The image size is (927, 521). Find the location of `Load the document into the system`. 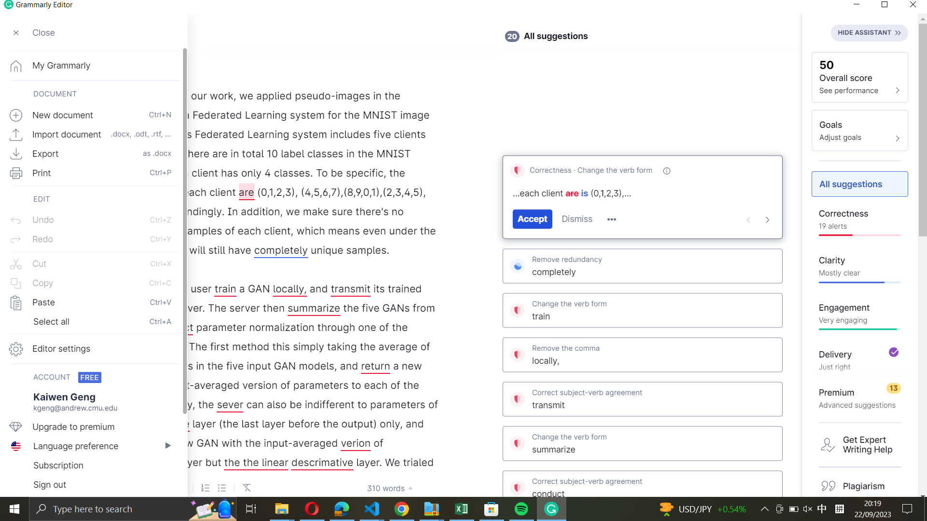

Load the document into the system is located at coordinates (91, 133).